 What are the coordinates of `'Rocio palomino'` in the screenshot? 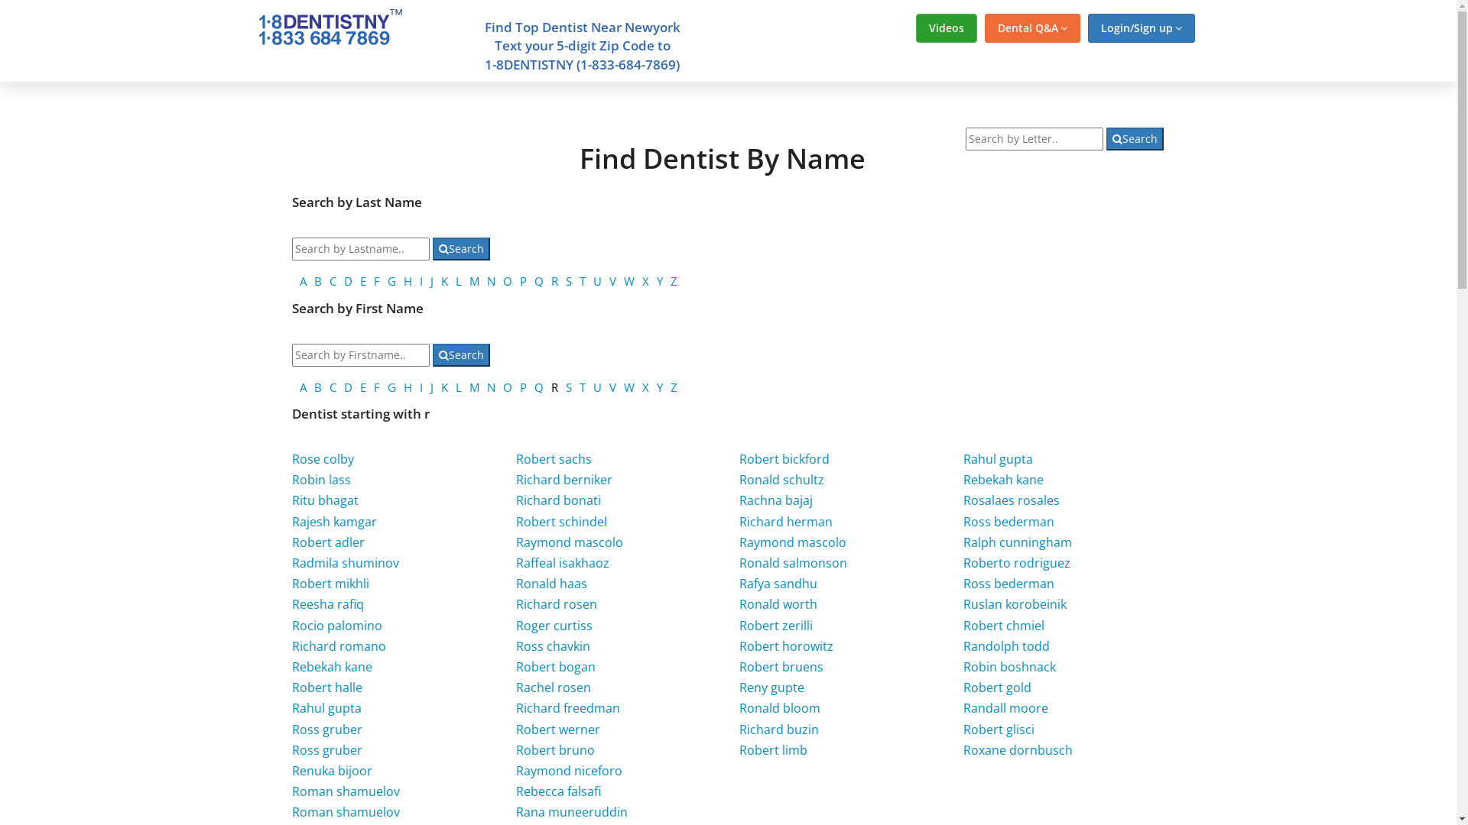 It's located at (336, 625).